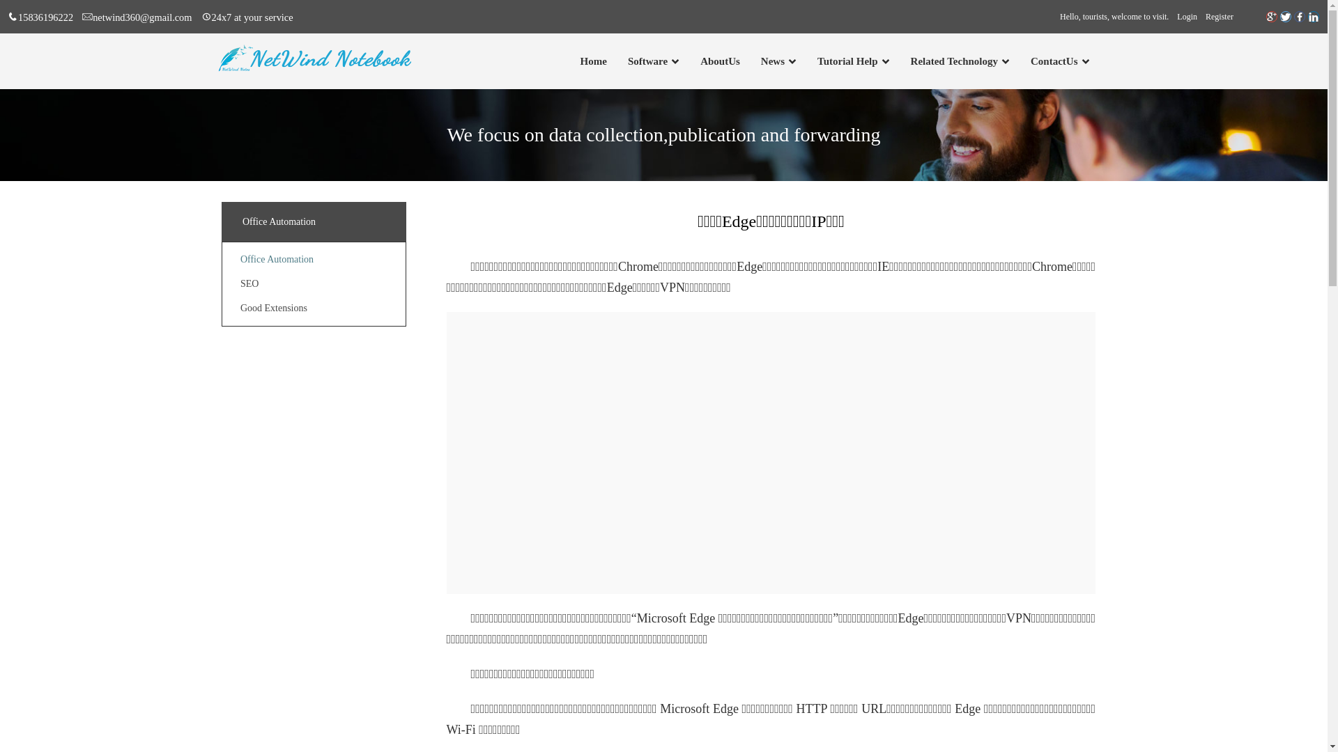 The height and width of the screenshot is (752, 1338). What do you see at coordinates (277, 259) in the screenshot?
I see `'Office Automation'` at bounding box center [277, 259].